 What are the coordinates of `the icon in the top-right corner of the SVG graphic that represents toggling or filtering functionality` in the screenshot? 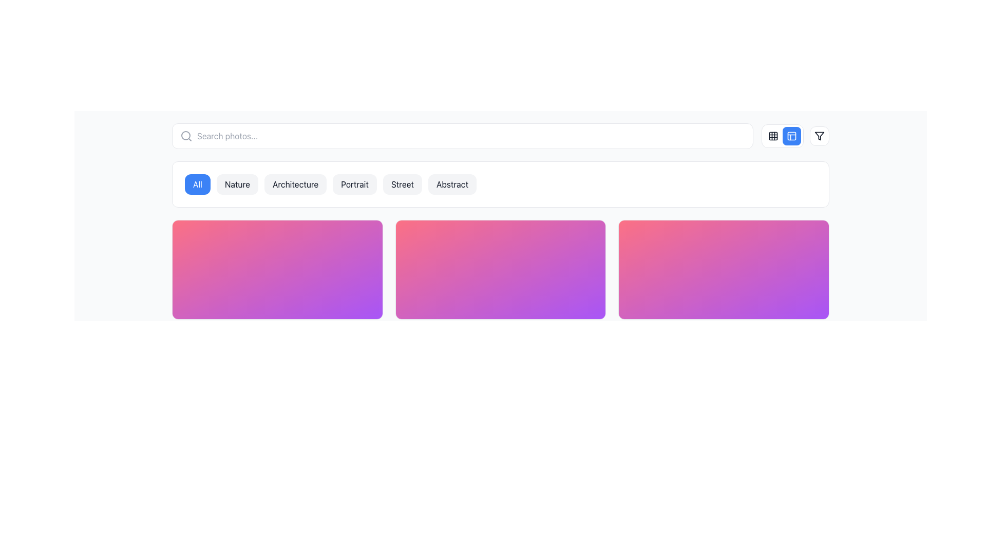 It's located at (791, 136).